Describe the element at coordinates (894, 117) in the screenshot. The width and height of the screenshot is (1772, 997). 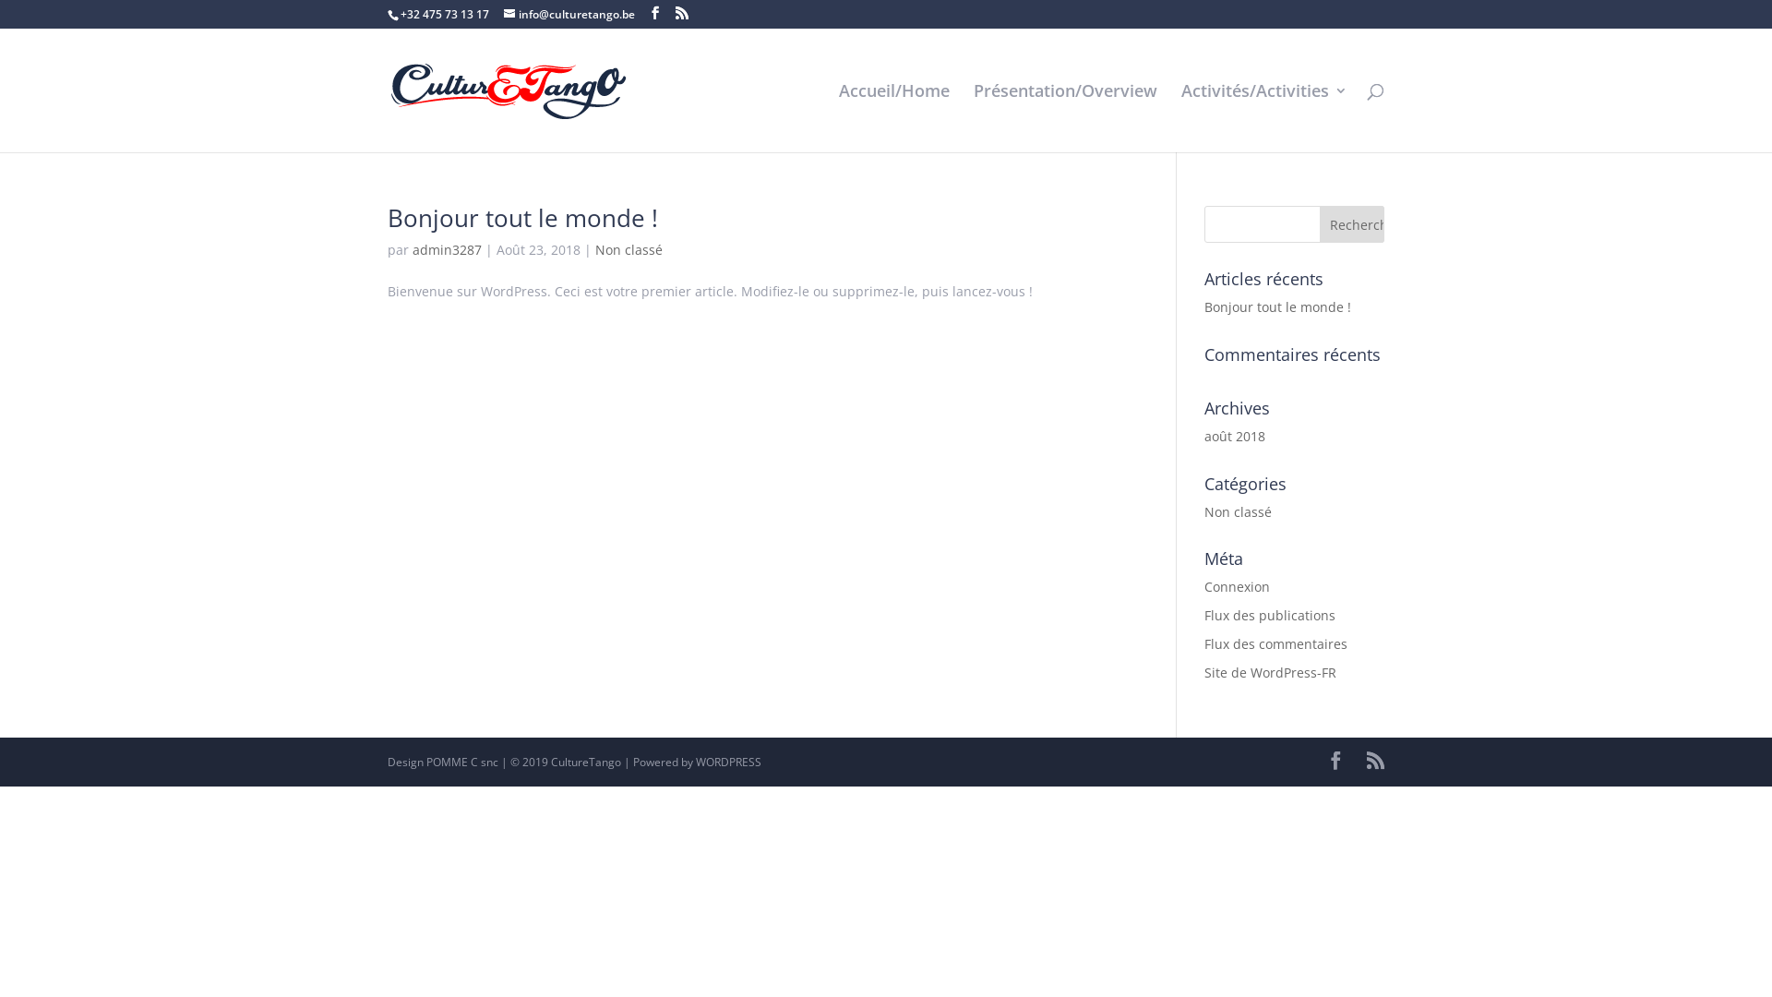
I see `'Accueil/Home'` at that location.